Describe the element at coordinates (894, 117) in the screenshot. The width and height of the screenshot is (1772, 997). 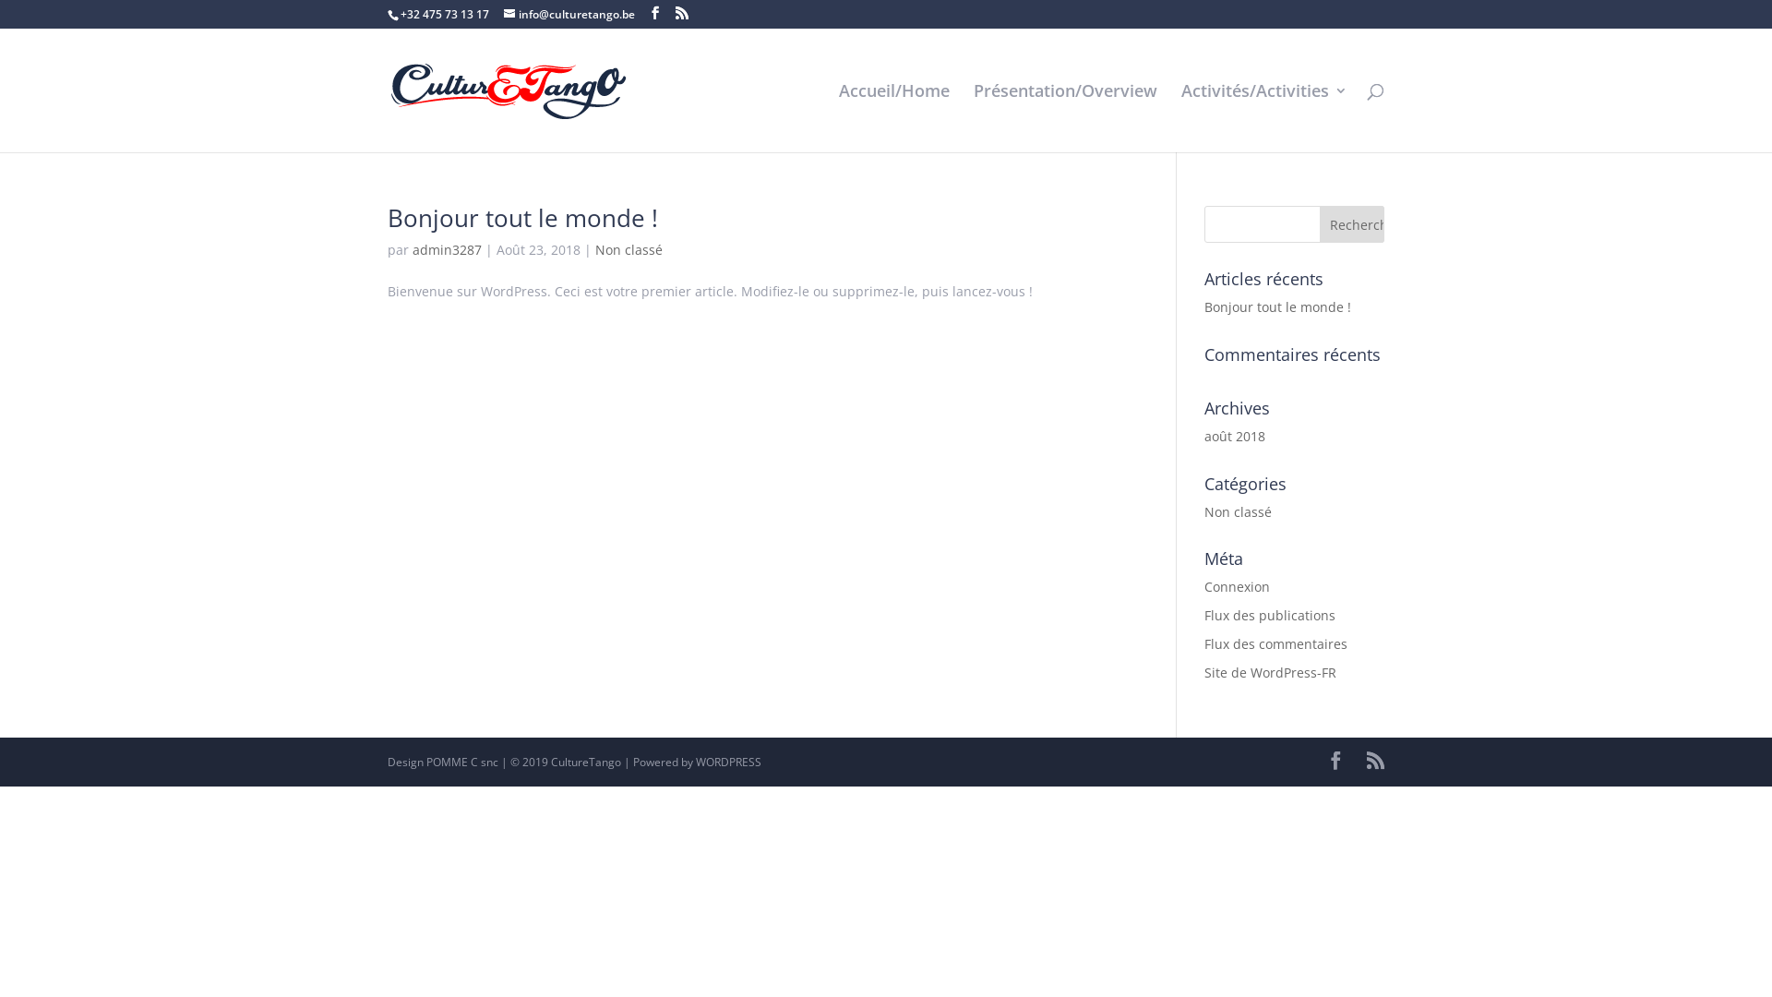
I see `'Accueil/Home'` at that location.